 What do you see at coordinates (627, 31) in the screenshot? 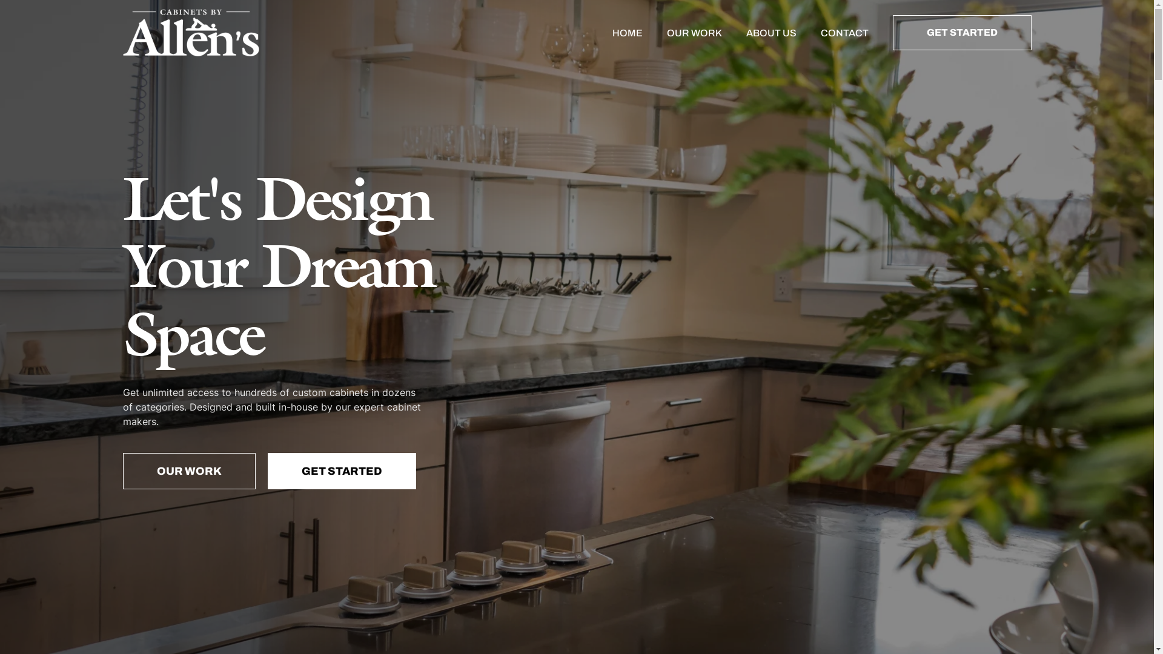
I see `'HOME'` at bounding box center [627, 31].